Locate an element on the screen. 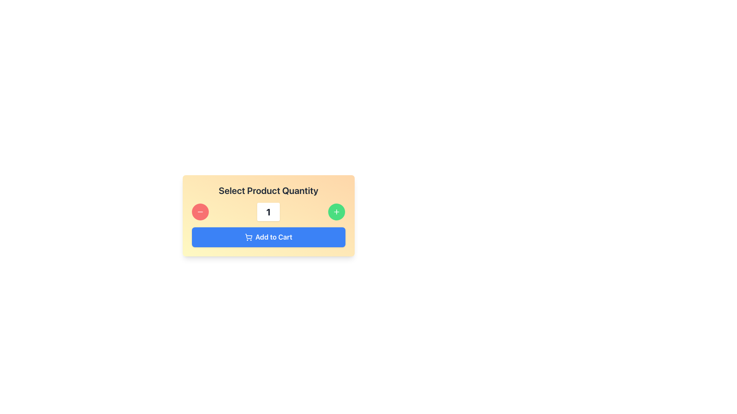 Image resolution: width=737 pixels, height=414 pixels. the horizontal line icon styled as part of an SVG illustration, which is located in the round, red button on the left side of the product quantity selector is located at coordinates (200, 212).